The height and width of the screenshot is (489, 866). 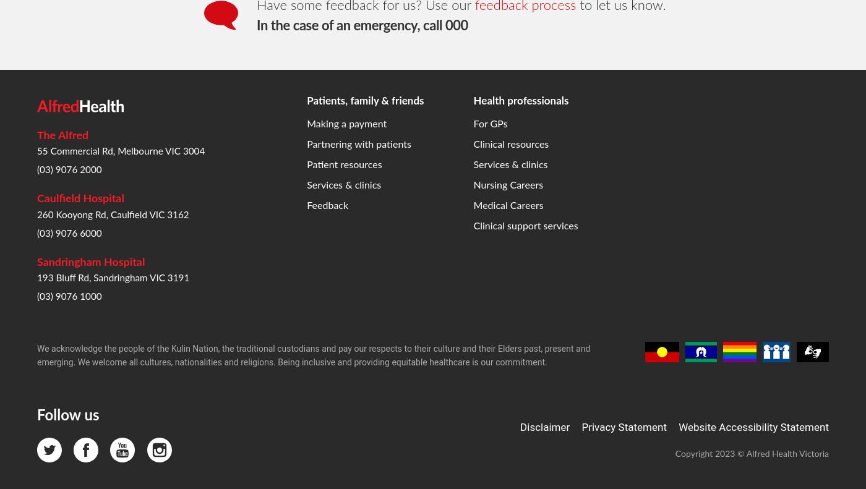 What do you see at coordinates (545, 226) in the screenshot?
I see `'Disclaimer'` at bounding box center [545, 226].